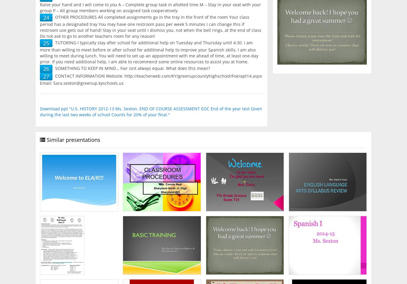 Image resolution: width=407 pixels, height=284 pixels. What do you see at coordinates (150, 26) in the screenshot?
I see `'OTHER PROCEDURES All completed assignments go in the tray in the front of the room Your class period has a designated tray You may have one restroom pass per week 5 minutes I can change this if restroom use gets out of hand! Stay in your seat until I dismiss you, not when the bell rings, at the end of class Do not ask to go to another teachers room for any reason!'` at bounding box center [150, 26].